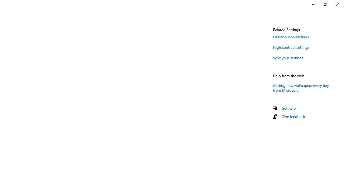 The height and width of the screenshot is (193, 344). Describe the element at coordinates (325, 4) in the screenshot. I see `'Restore Settings'` at that location.